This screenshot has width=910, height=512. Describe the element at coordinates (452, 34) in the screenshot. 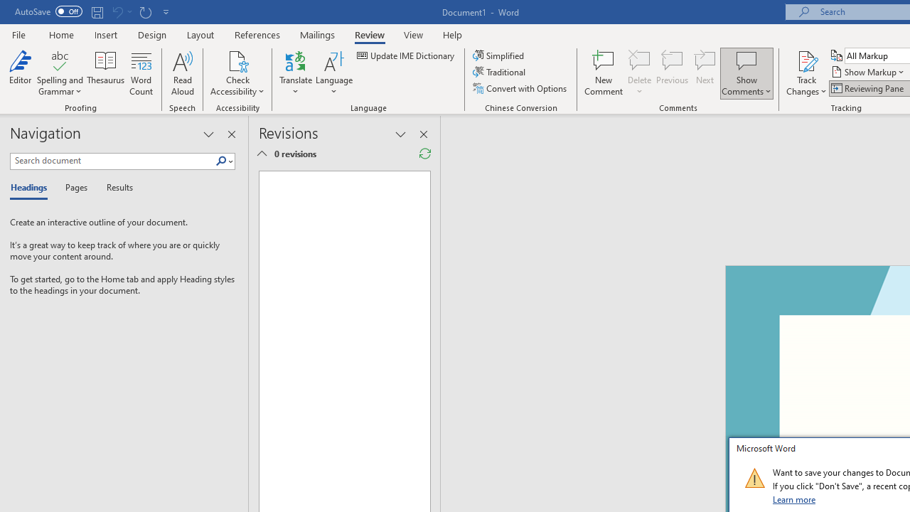

I see `'Help'` at that location.